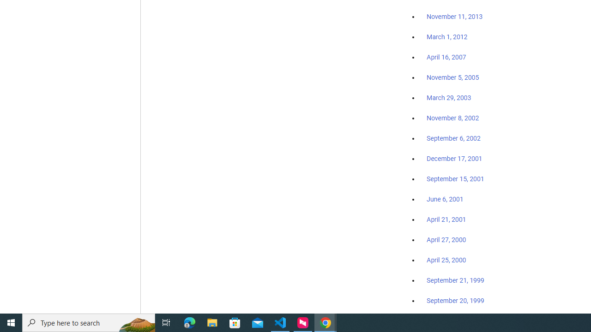 The height and width of the screenshot is (332, 591). I want to click on 'June 6, 2001', so click(445, 199).